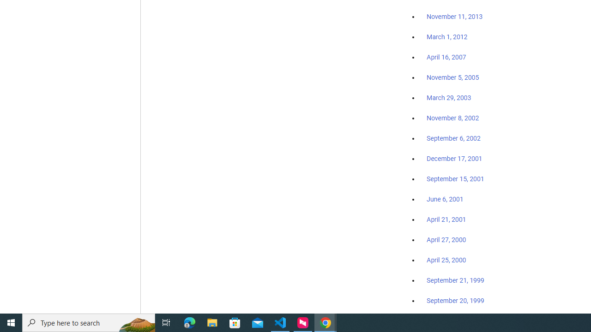 The height and width of the screenshot is (332, 591). I want to click on 'June 6, 2001', so click(445, 199).